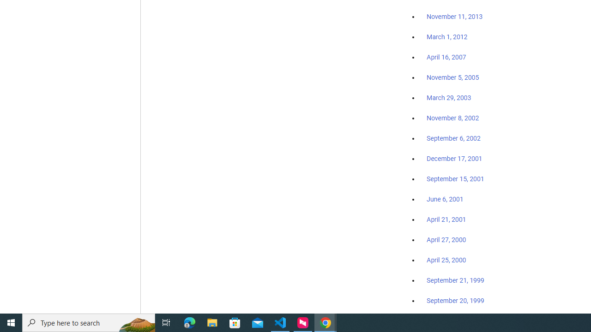 The height and width of the screenshot is (332, 591). I want to click on 'June 6, 2001', so click(445, 199).